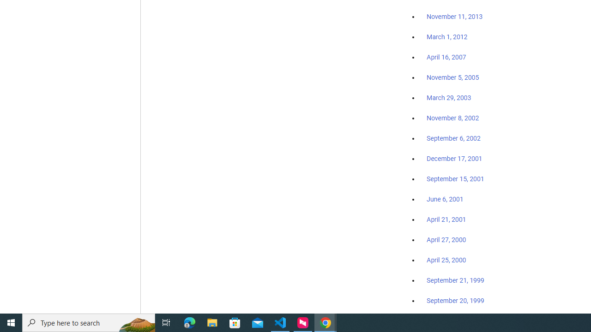 The height and width of the screenshot is (332, 591). I want to click on 'June 6, 2001', so click(445, 199).